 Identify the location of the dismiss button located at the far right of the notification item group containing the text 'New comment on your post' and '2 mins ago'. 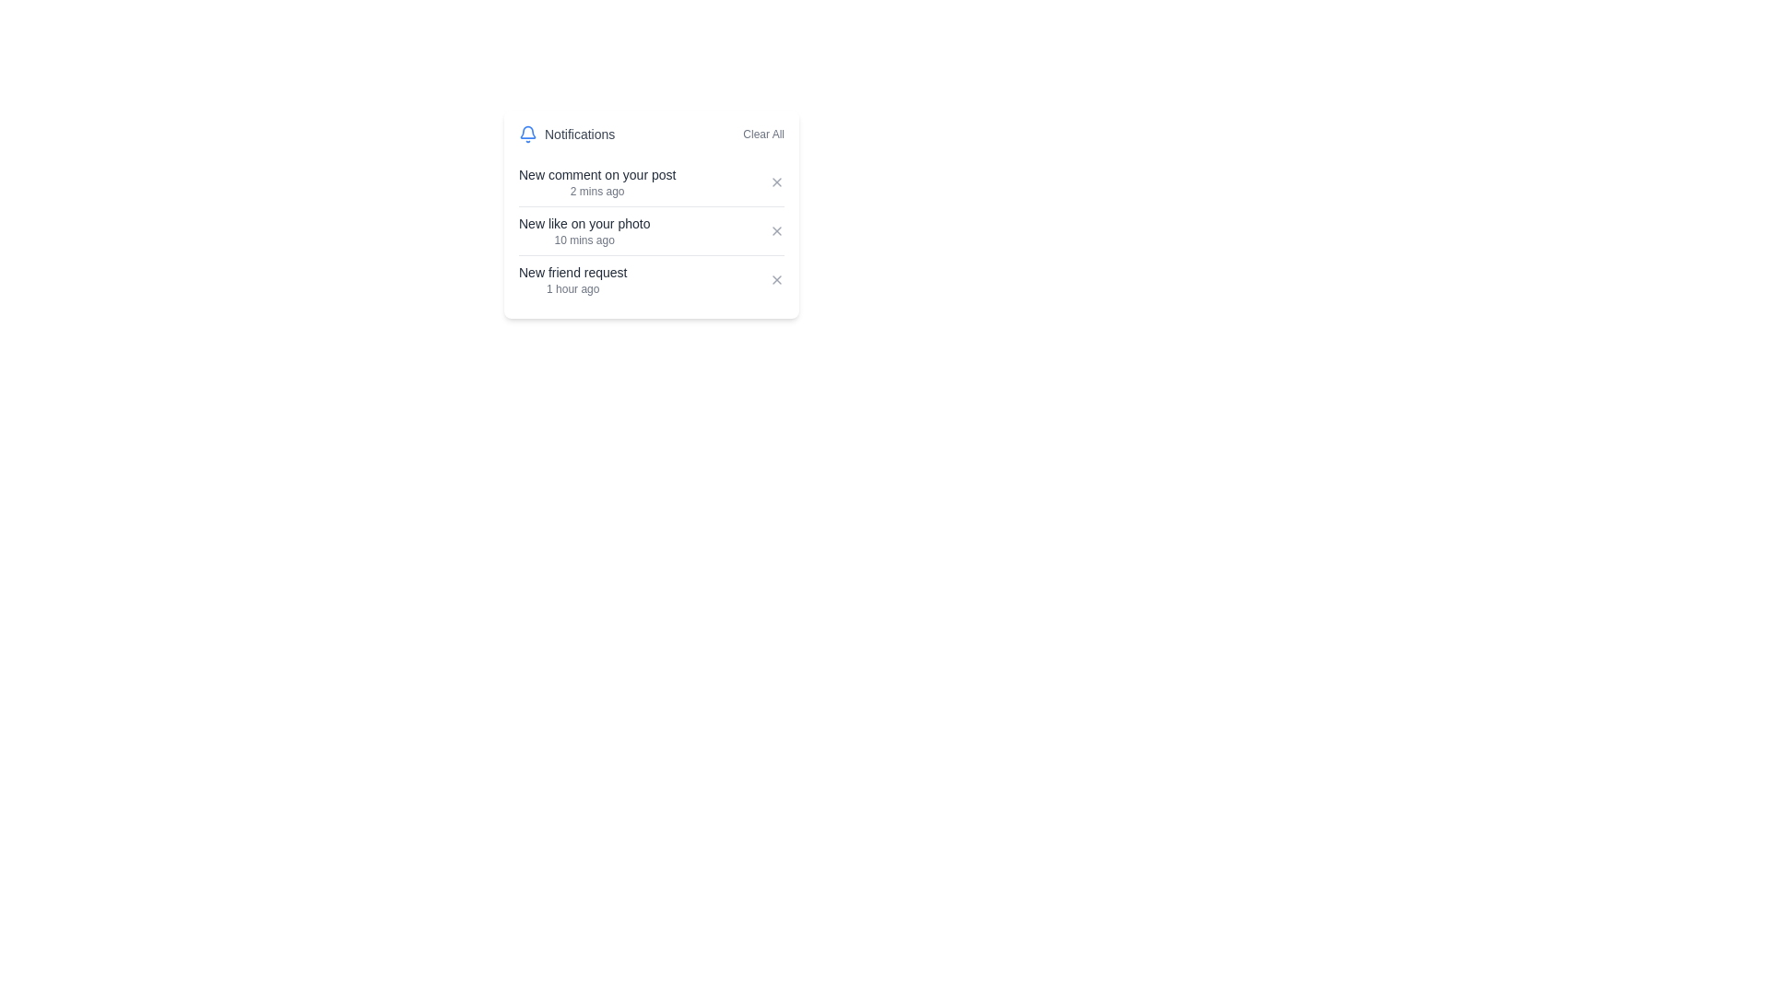
(777, 181).